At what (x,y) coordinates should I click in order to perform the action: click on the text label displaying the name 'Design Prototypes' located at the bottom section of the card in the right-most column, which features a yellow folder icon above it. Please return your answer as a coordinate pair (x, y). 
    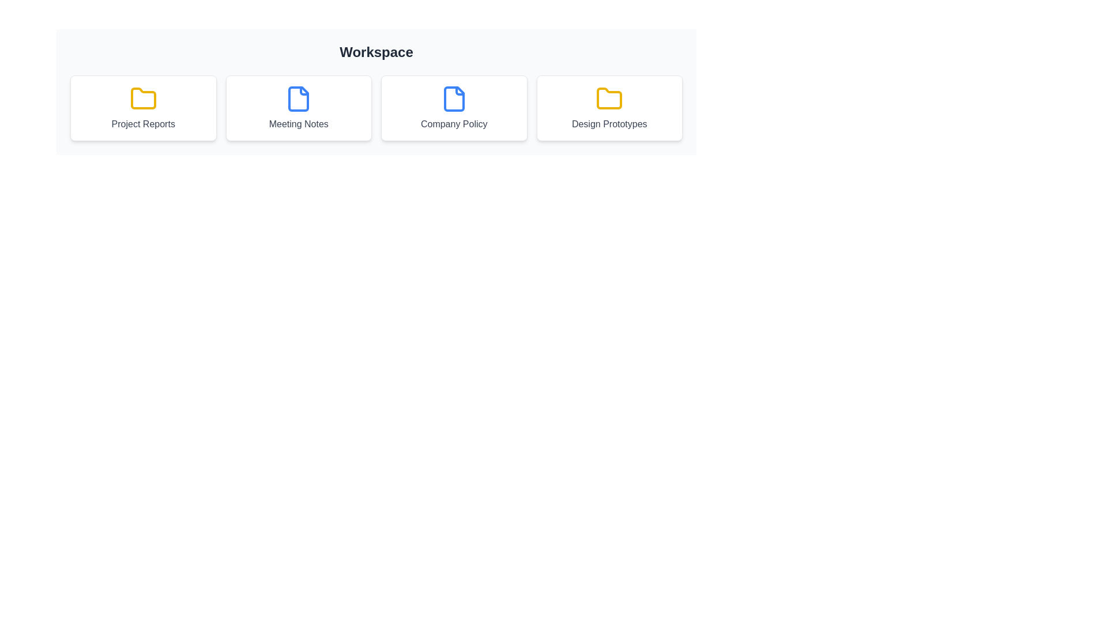
    Looking at the image, I should click on (609, 124).